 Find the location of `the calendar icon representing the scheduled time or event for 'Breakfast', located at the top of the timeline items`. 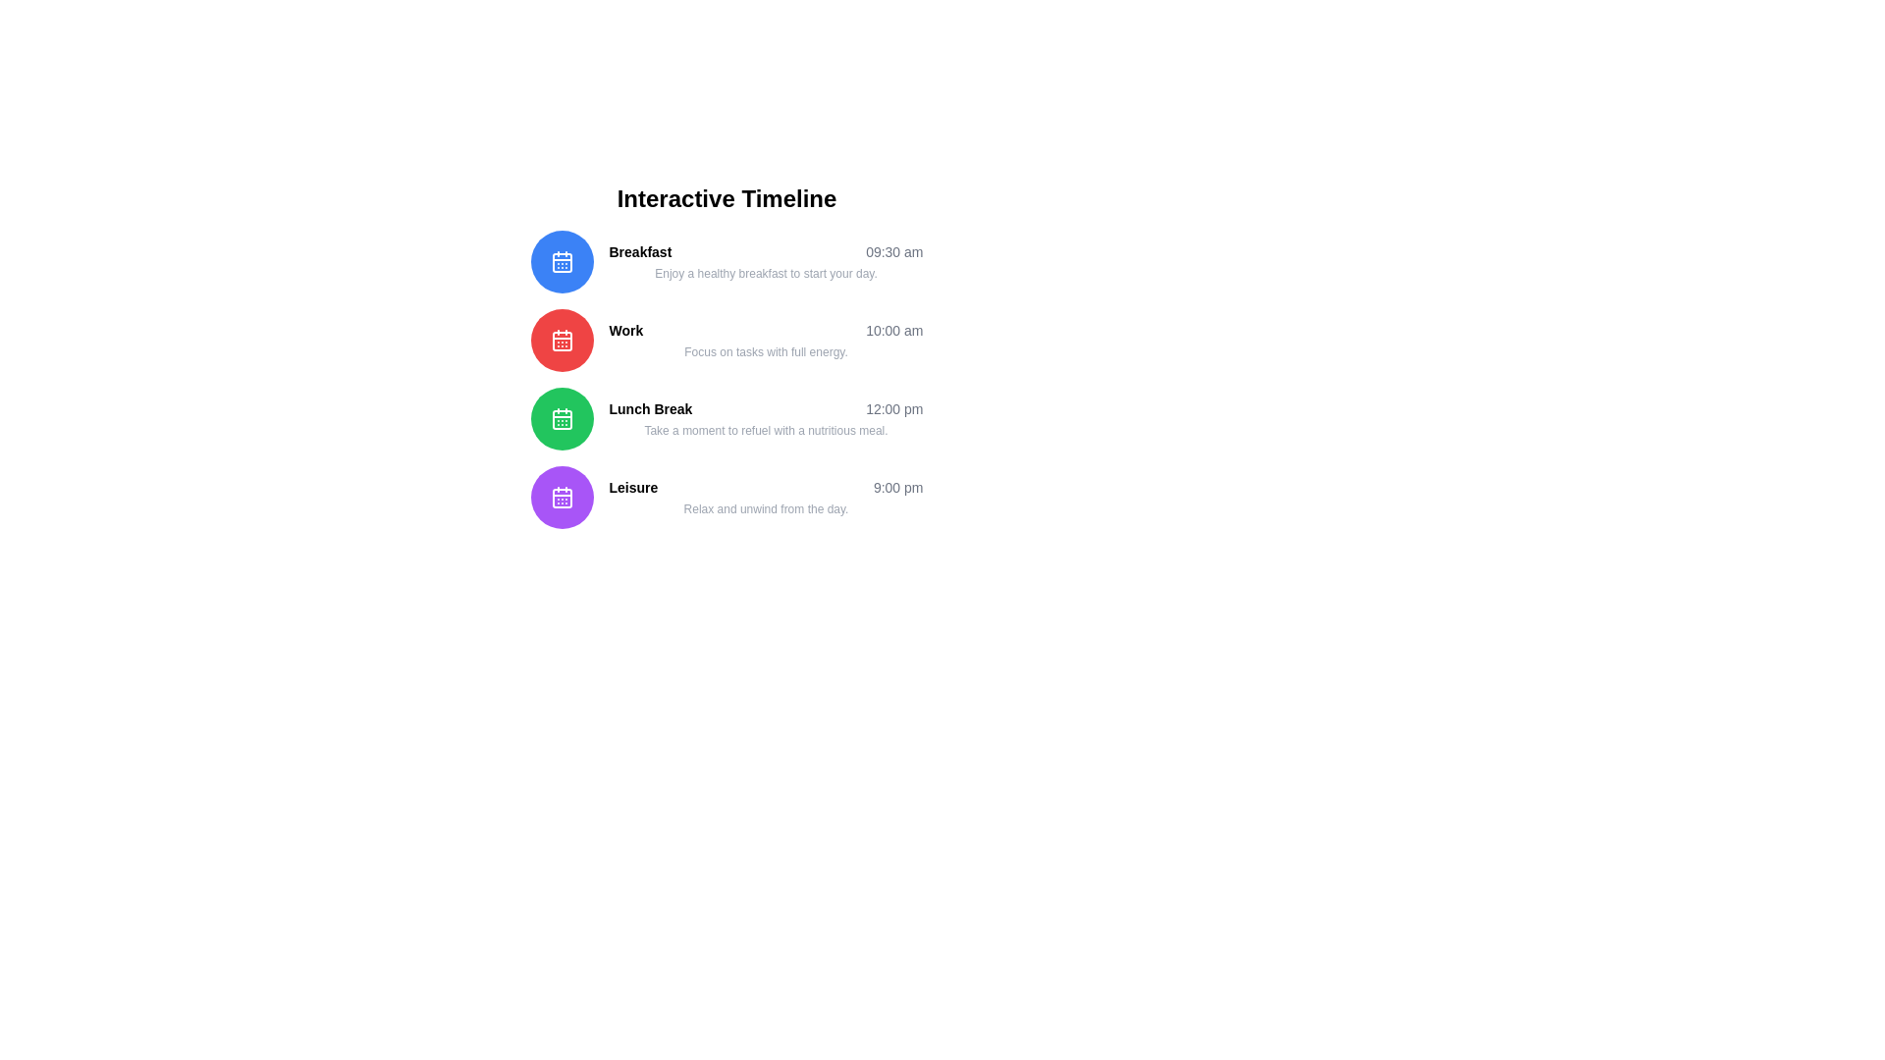

the calendar icon representing the scheduled time or event for 'Breakfast', located at the top of the timeline items is located at coordinates (561, 260).